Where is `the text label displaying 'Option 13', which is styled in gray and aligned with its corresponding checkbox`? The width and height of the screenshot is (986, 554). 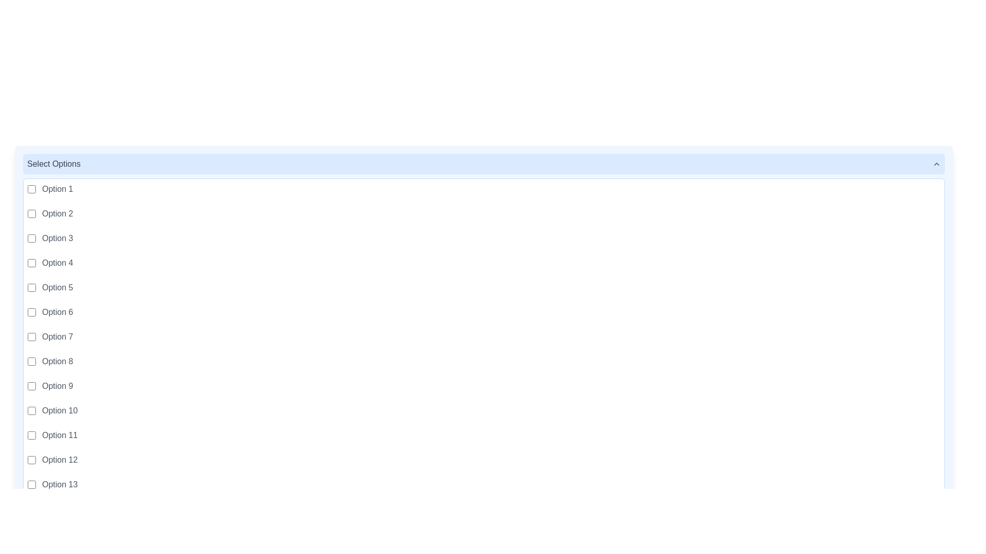
the text label displaying 'Option 13', which is styled in gray and aligned with its corresponding checkbox is located at coordinates (59, 485).